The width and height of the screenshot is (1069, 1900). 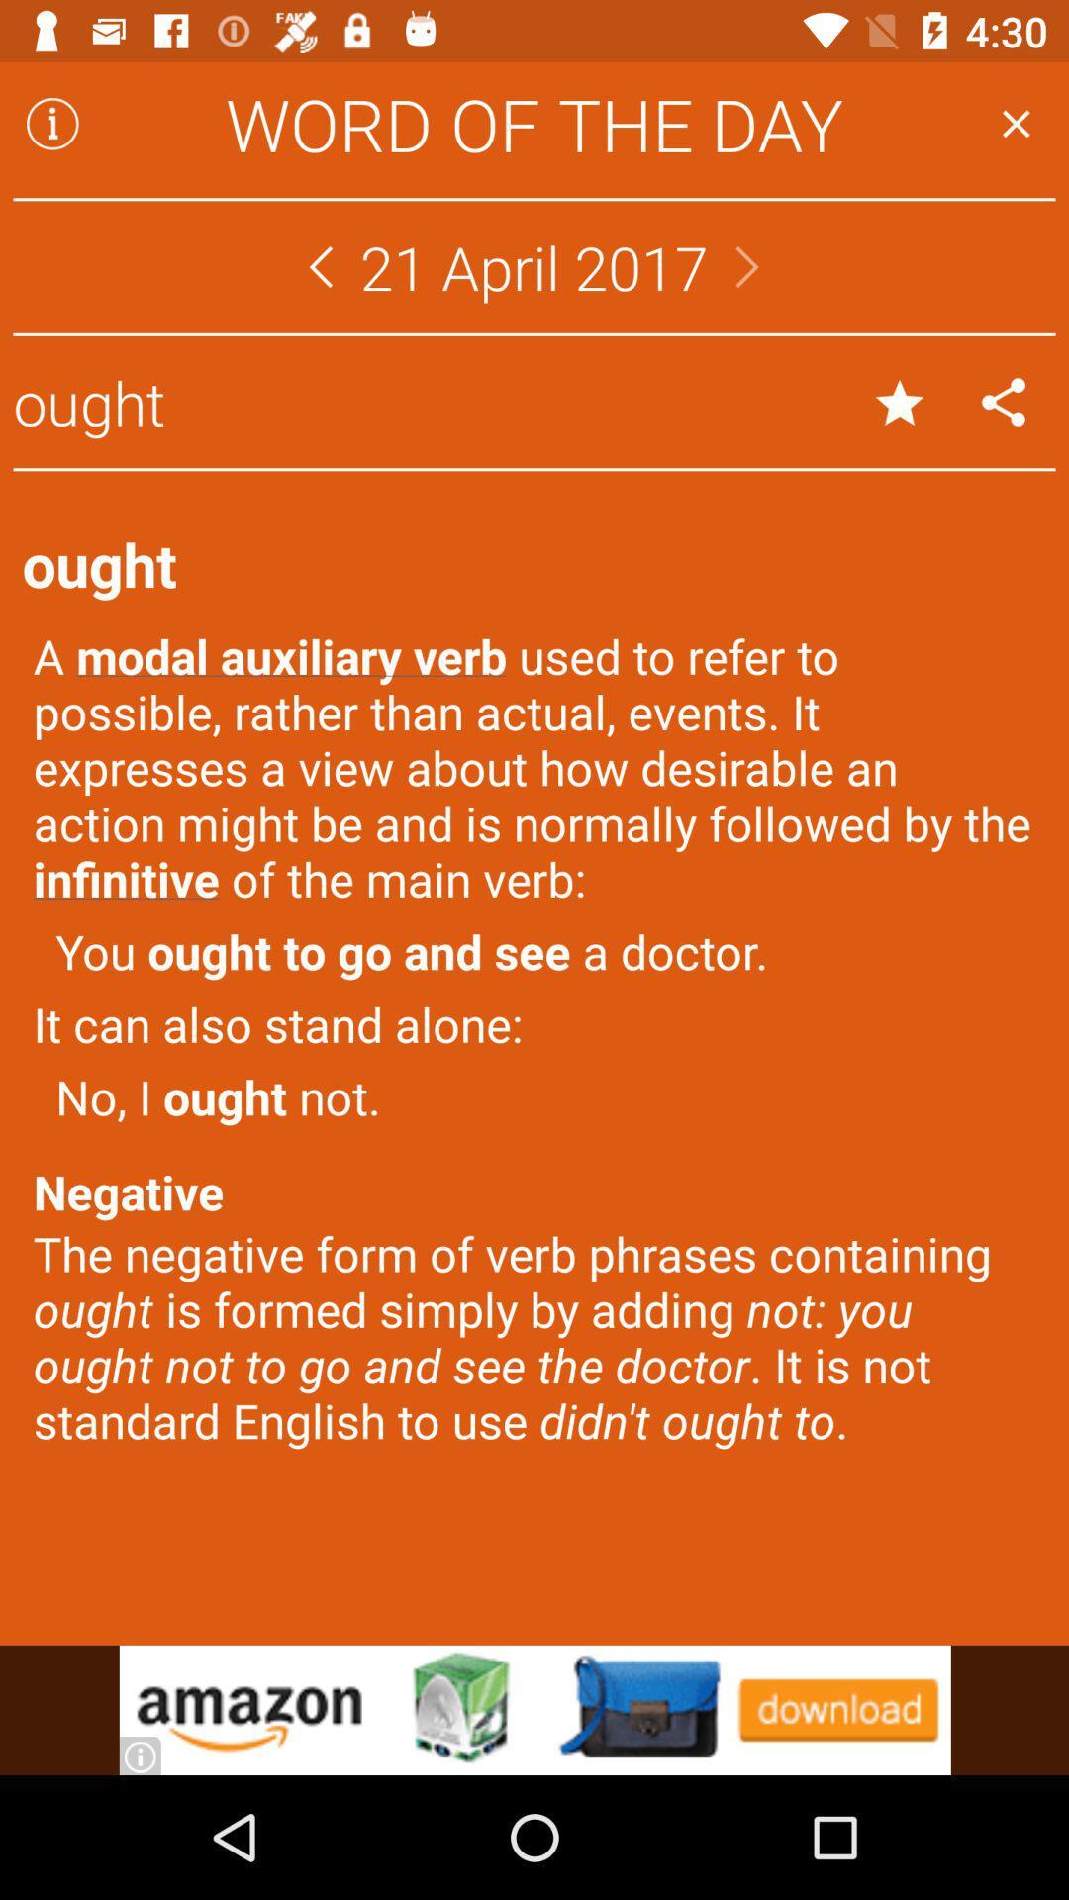 What do you see at coordinates (534, 1709) in the screenshot?
I see `advertisement` at bounding box center [534, 1709].